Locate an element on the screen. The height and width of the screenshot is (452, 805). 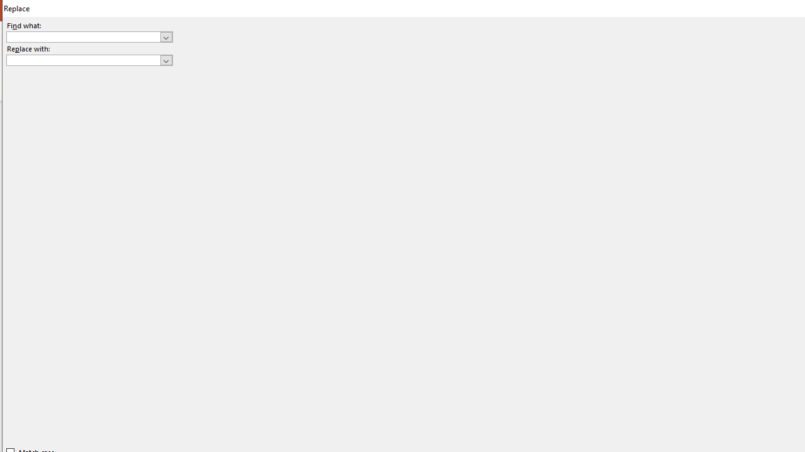
'Replace with' is located at coordinates (83, 60).